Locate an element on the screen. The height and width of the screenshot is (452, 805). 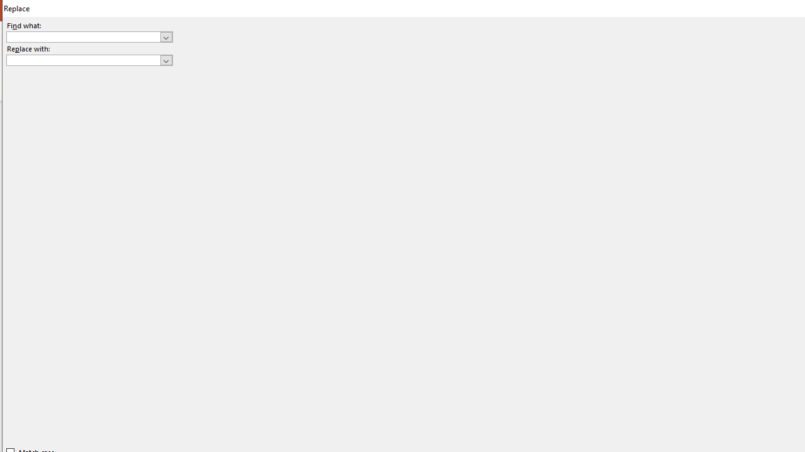
'Replace with' is located at coordinates (83, 60).